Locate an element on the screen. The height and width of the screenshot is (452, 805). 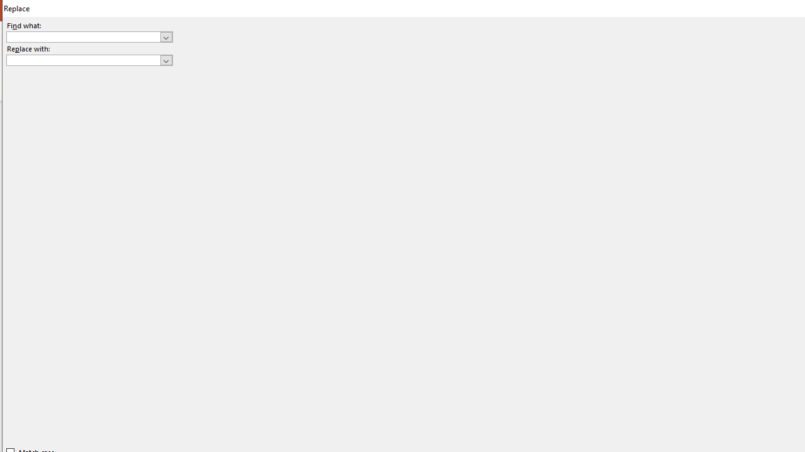
'Replace with' is located at coordinates (83, 60).